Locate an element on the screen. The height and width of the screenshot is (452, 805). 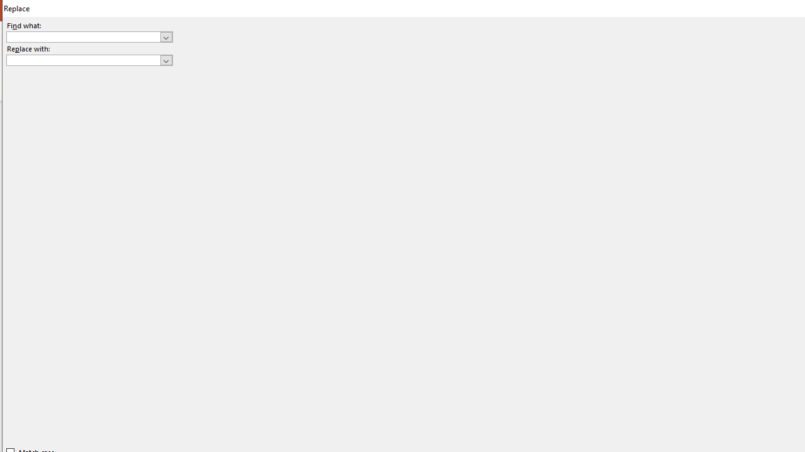
'Replace with' is located at coordinates (83, 60).